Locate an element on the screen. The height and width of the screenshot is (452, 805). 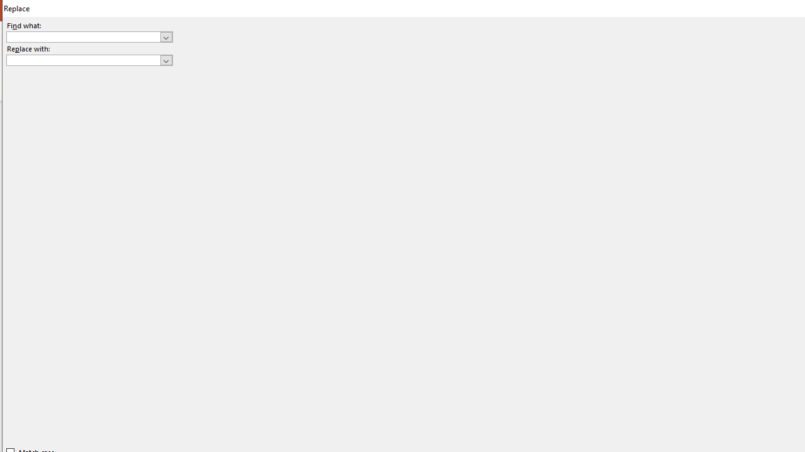
'Replace with' is located at coordinates (83, 60).